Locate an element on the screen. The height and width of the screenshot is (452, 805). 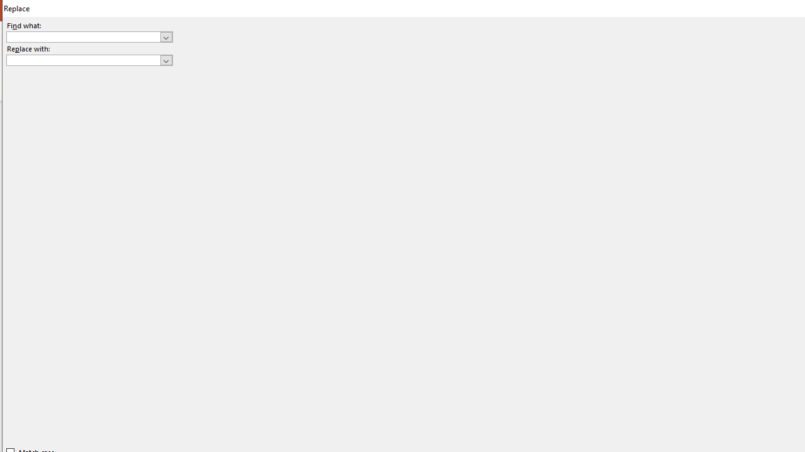
'Replace with' is located at coordinates (83, 60).